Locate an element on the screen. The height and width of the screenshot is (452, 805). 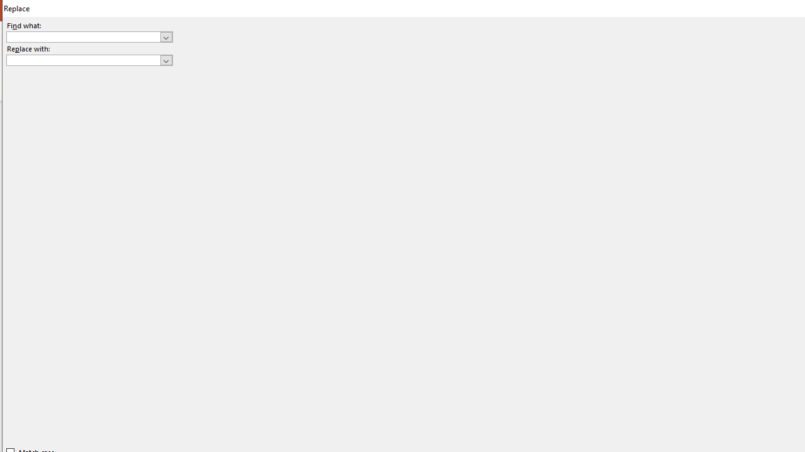
'Replace with' is located at coordinates (83, 60).